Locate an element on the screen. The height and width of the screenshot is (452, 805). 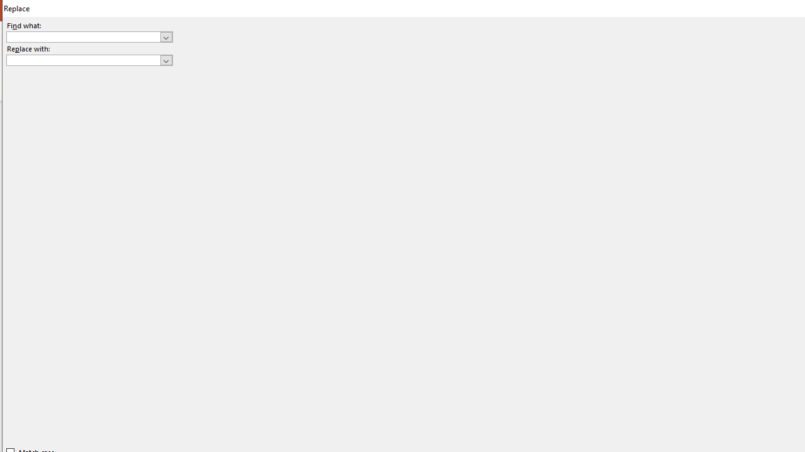
'Replace with' is located at coordinates (83, 60).